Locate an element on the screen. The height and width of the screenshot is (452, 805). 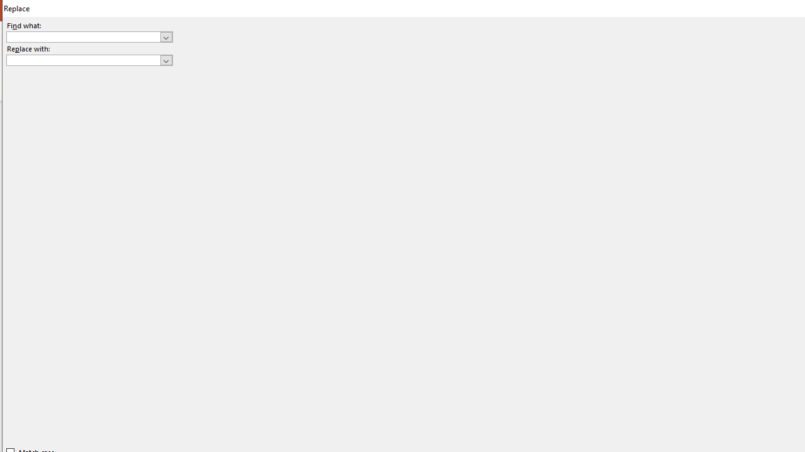
'Replace with' is located at coordinates (83, 60).